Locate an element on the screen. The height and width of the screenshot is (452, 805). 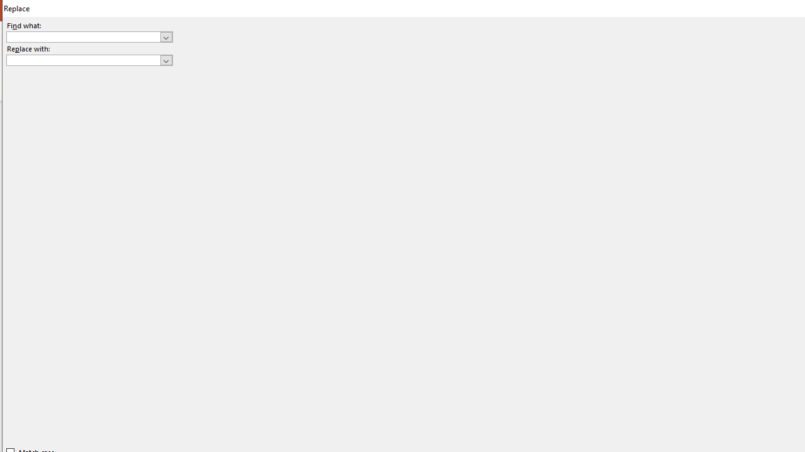
'Replace with' is located at coordinates (83, 60).